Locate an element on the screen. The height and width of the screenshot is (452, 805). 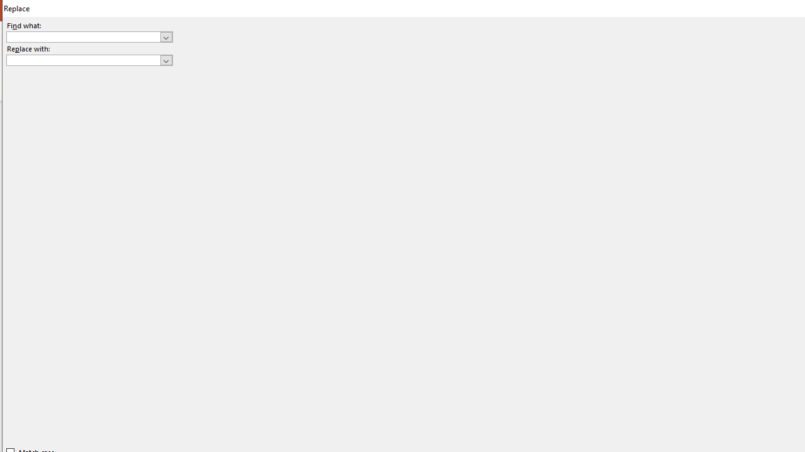
'Replace with' is located at coordinates (83, 60).